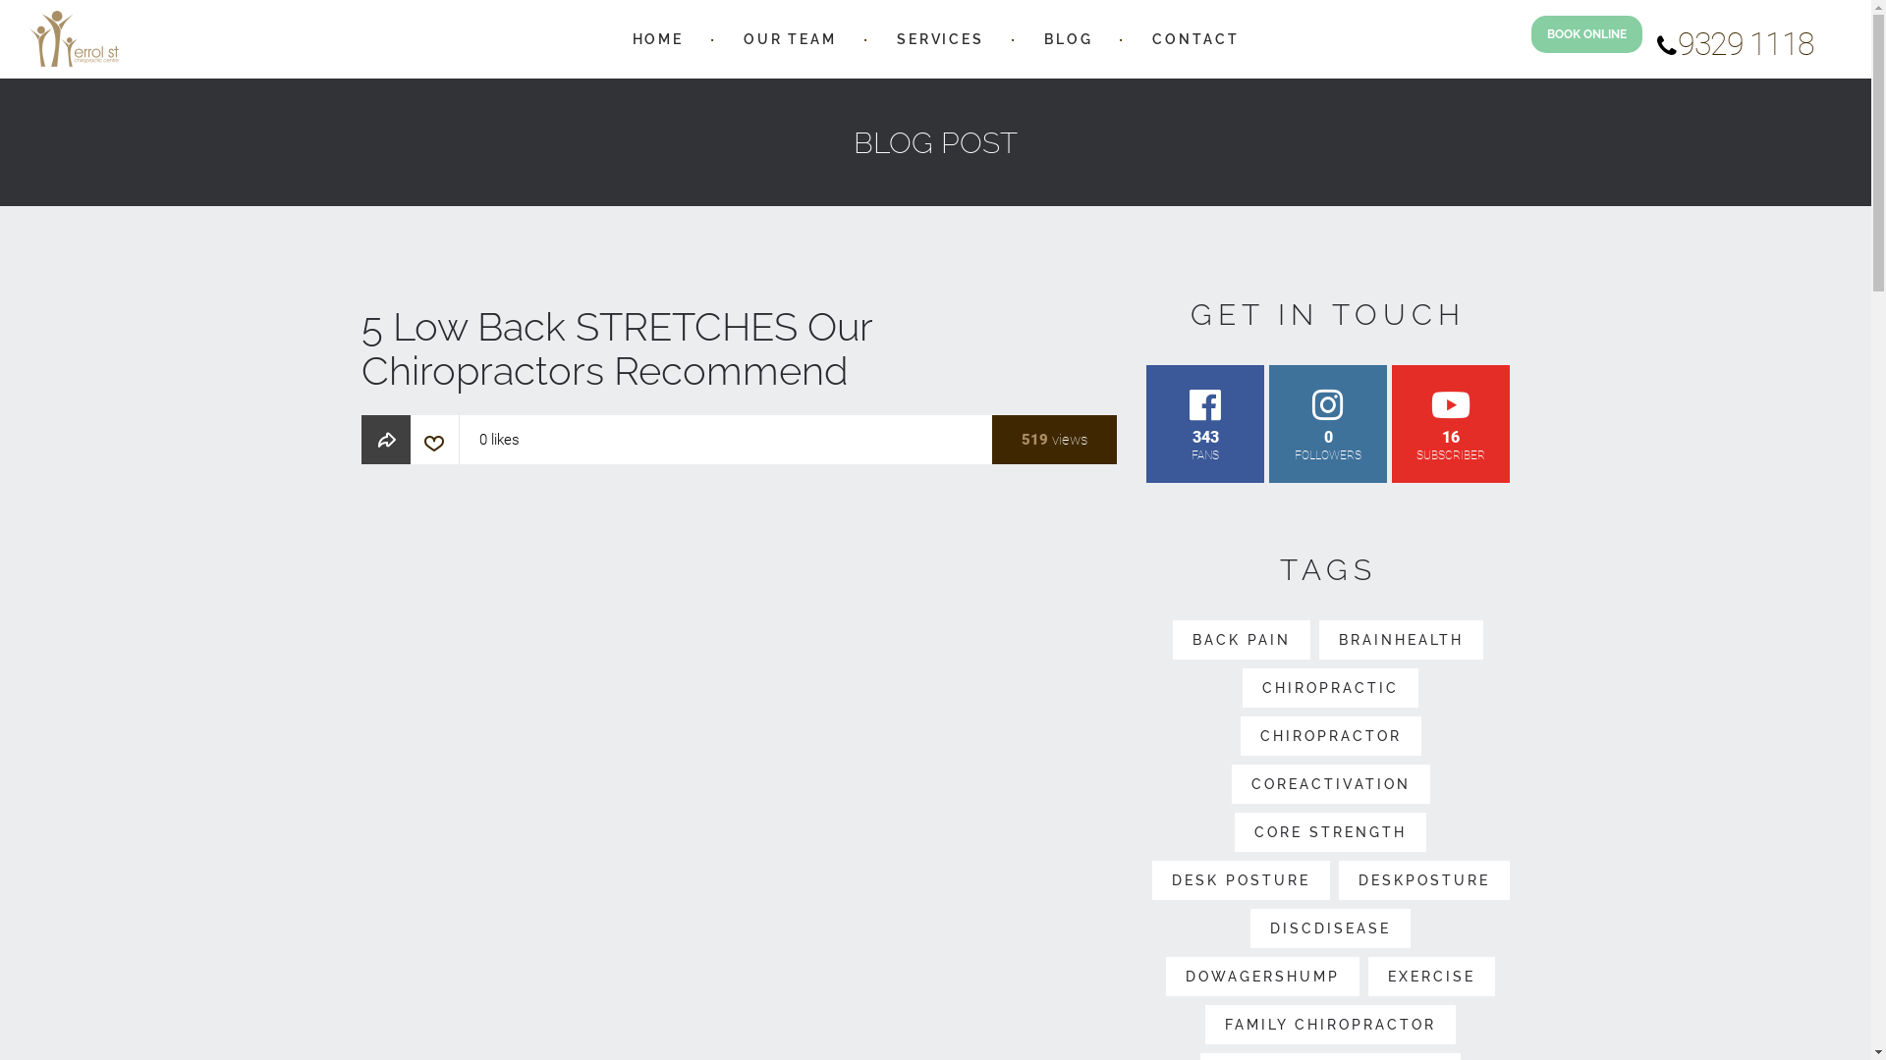 Image resolution: width=1886 pixels, height=1060 pixels. Describe the element at coordinates (1194, 38) in the screenshot. I see `'CONTACT'` at that location.